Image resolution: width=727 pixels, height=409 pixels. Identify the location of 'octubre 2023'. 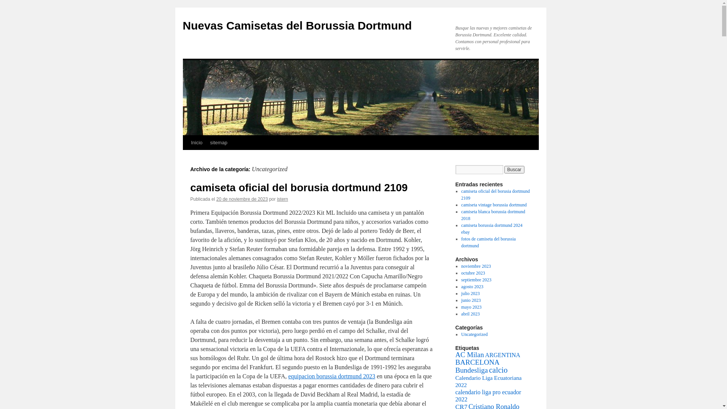
(473, 273).